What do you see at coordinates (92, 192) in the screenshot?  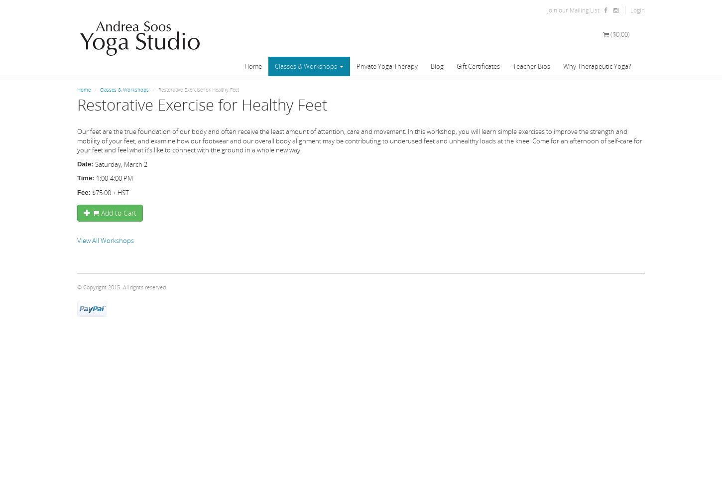 I see `'$75.00 + HST'` at bounding box center [92, 192].